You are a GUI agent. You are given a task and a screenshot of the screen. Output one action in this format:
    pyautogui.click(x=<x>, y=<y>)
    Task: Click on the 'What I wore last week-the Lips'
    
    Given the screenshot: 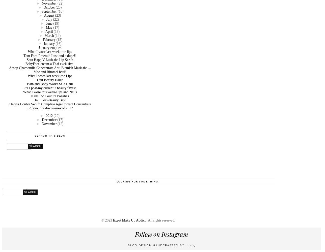 What is the action you would take?
    pyautogui.click(x=27, y=76)
    